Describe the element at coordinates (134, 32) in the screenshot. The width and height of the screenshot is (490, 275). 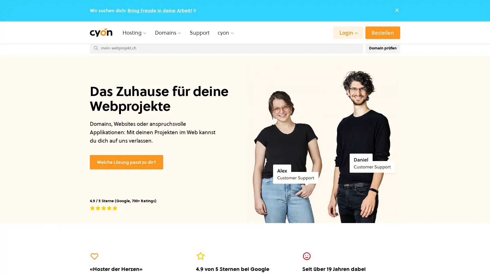
I see `Hosting` at that location.